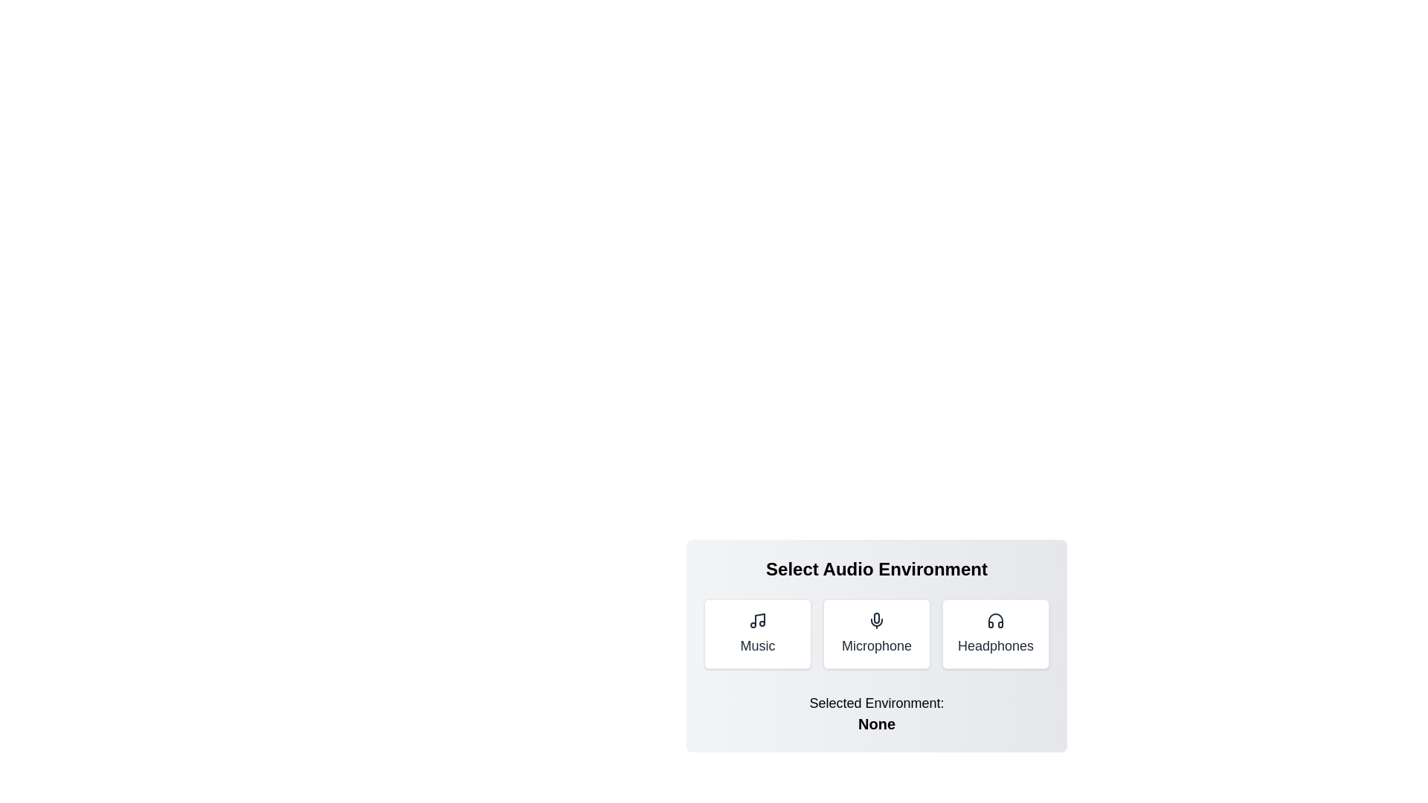 The image size is (1428, 803). What do you see at coordinates (996, 620) in the screenshot?
I see `the headphones icon located within the button labeled 'Headphones', which is the rightmost of three buttons in a horizontal layout` at bounding box center [996, 620].